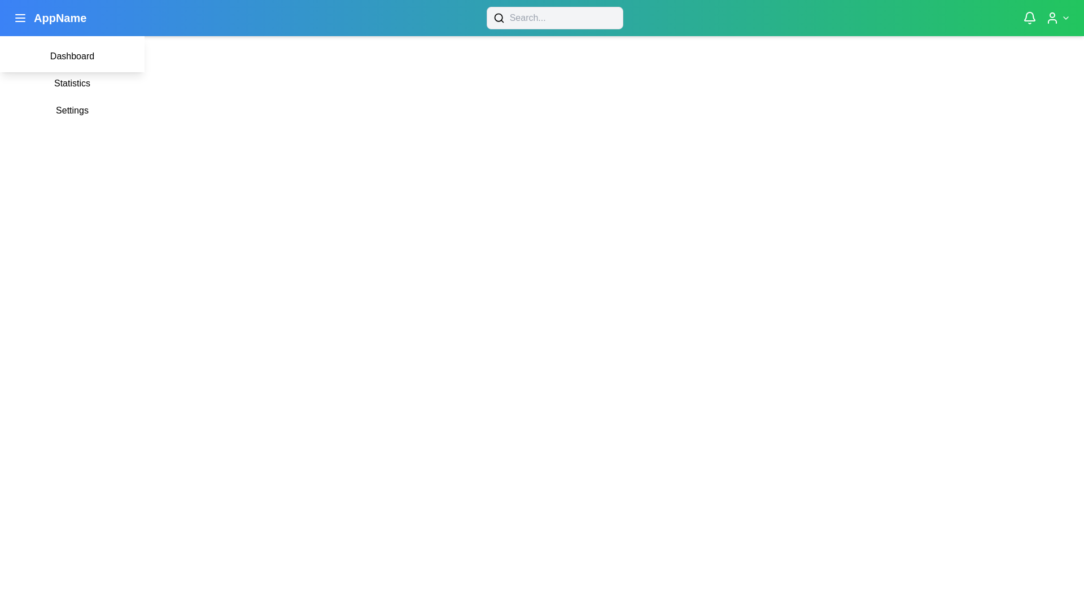 This screenshot has width=1084, height=610. What do you see at coordinates (72, 111) in the screenshot?
I see `the 'Settings' button, which is the third item in a vertical list within a dropdown menu` at bounding box center [72, 111].